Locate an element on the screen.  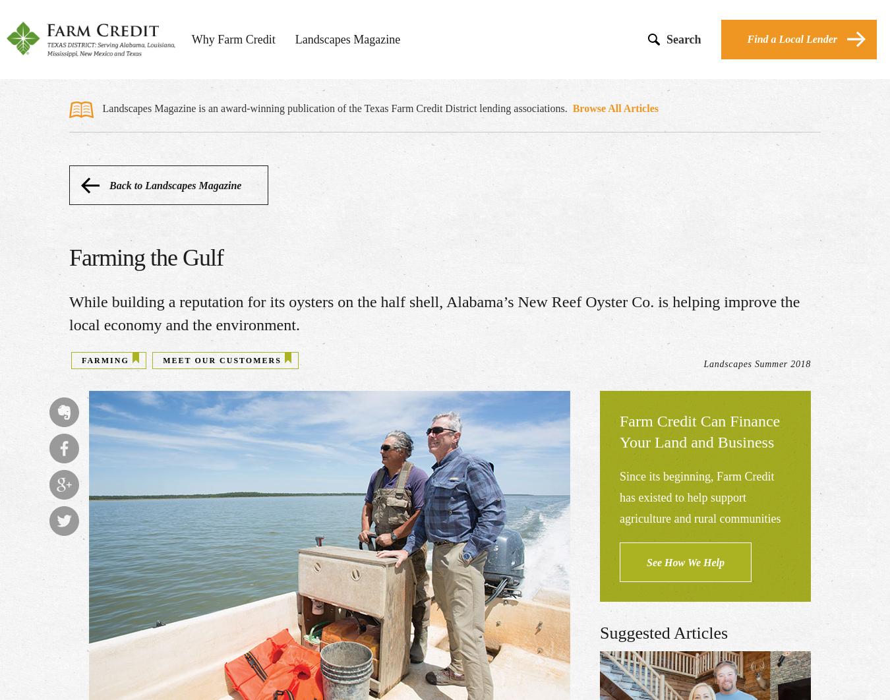
'FARMING' is located at coordinates (105, 361).